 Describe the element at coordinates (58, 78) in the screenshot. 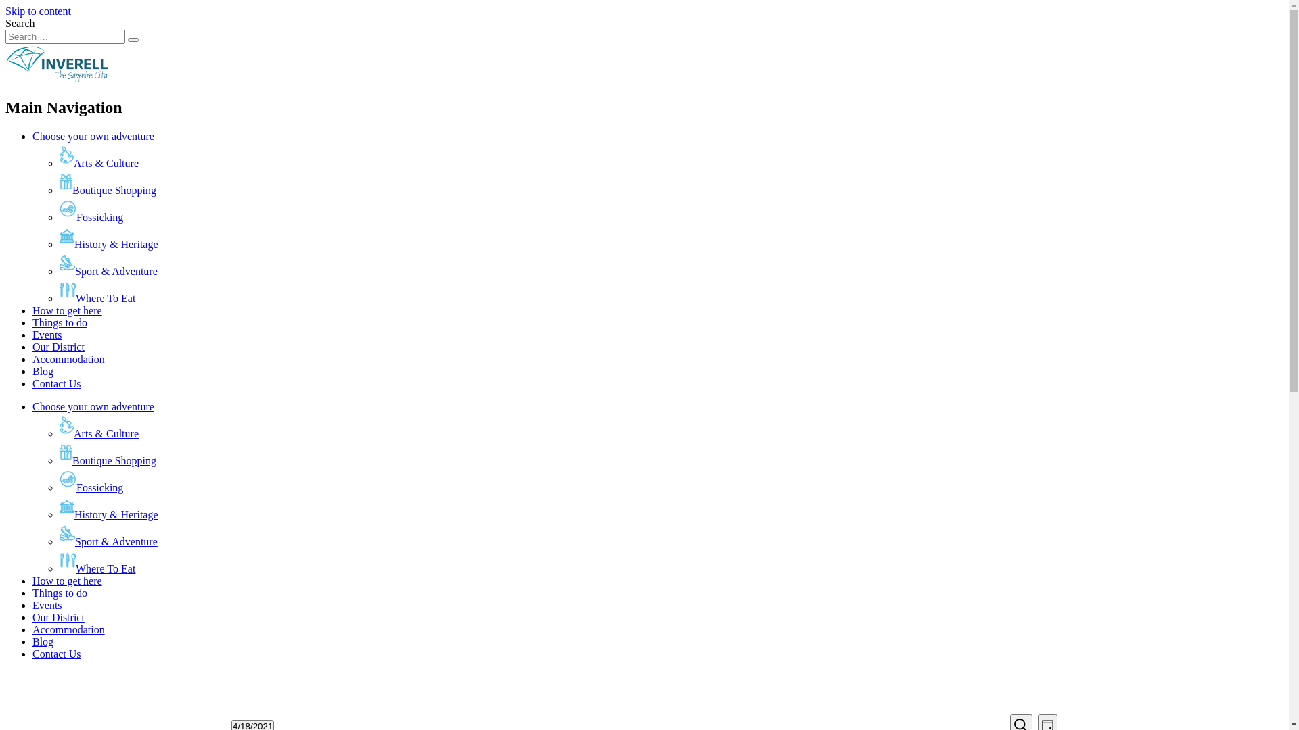

I see `'Inverell Council'` at that location.